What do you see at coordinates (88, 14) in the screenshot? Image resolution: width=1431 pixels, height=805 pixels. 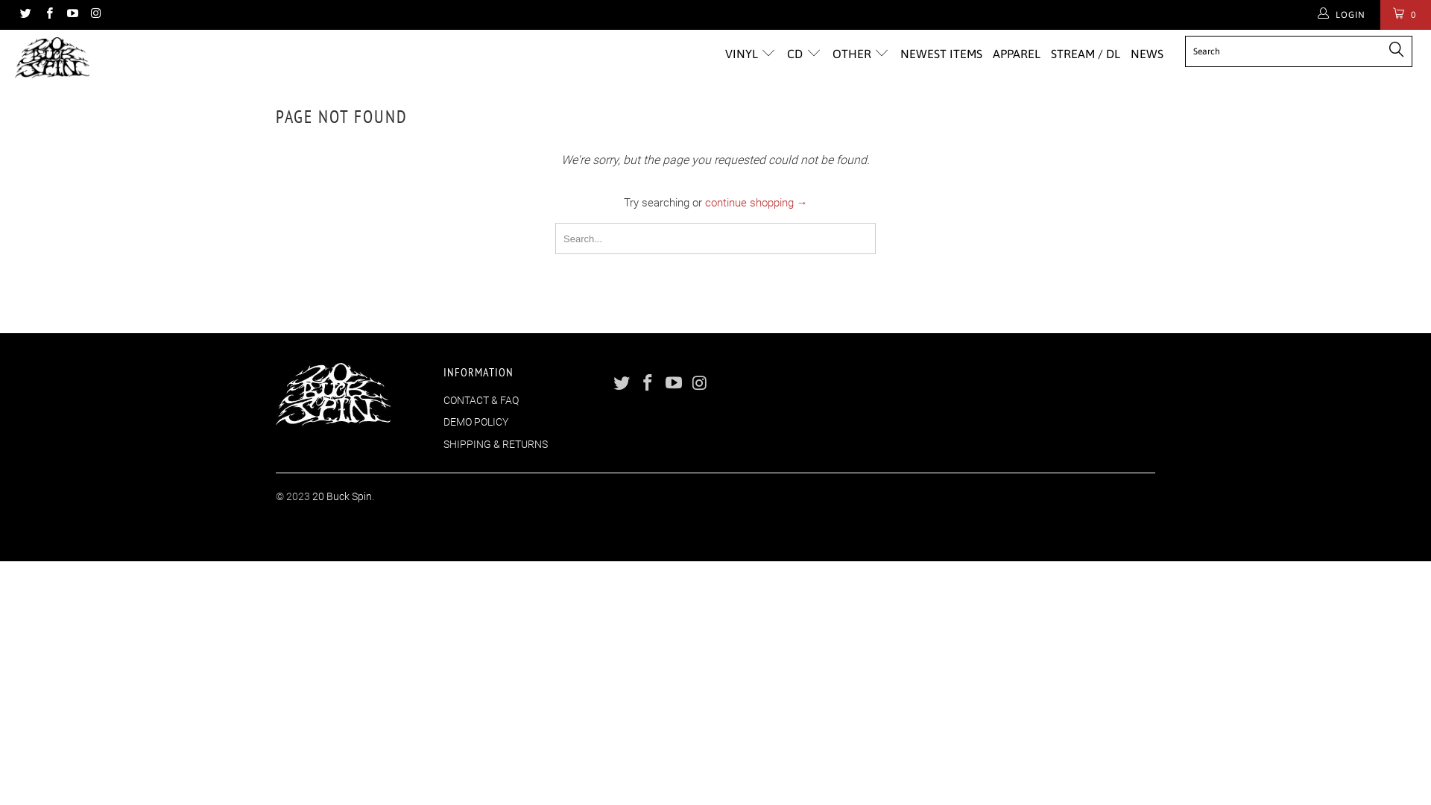 I see `'20 Buck Spin on Instagram'` at bounding box center [88, 14].